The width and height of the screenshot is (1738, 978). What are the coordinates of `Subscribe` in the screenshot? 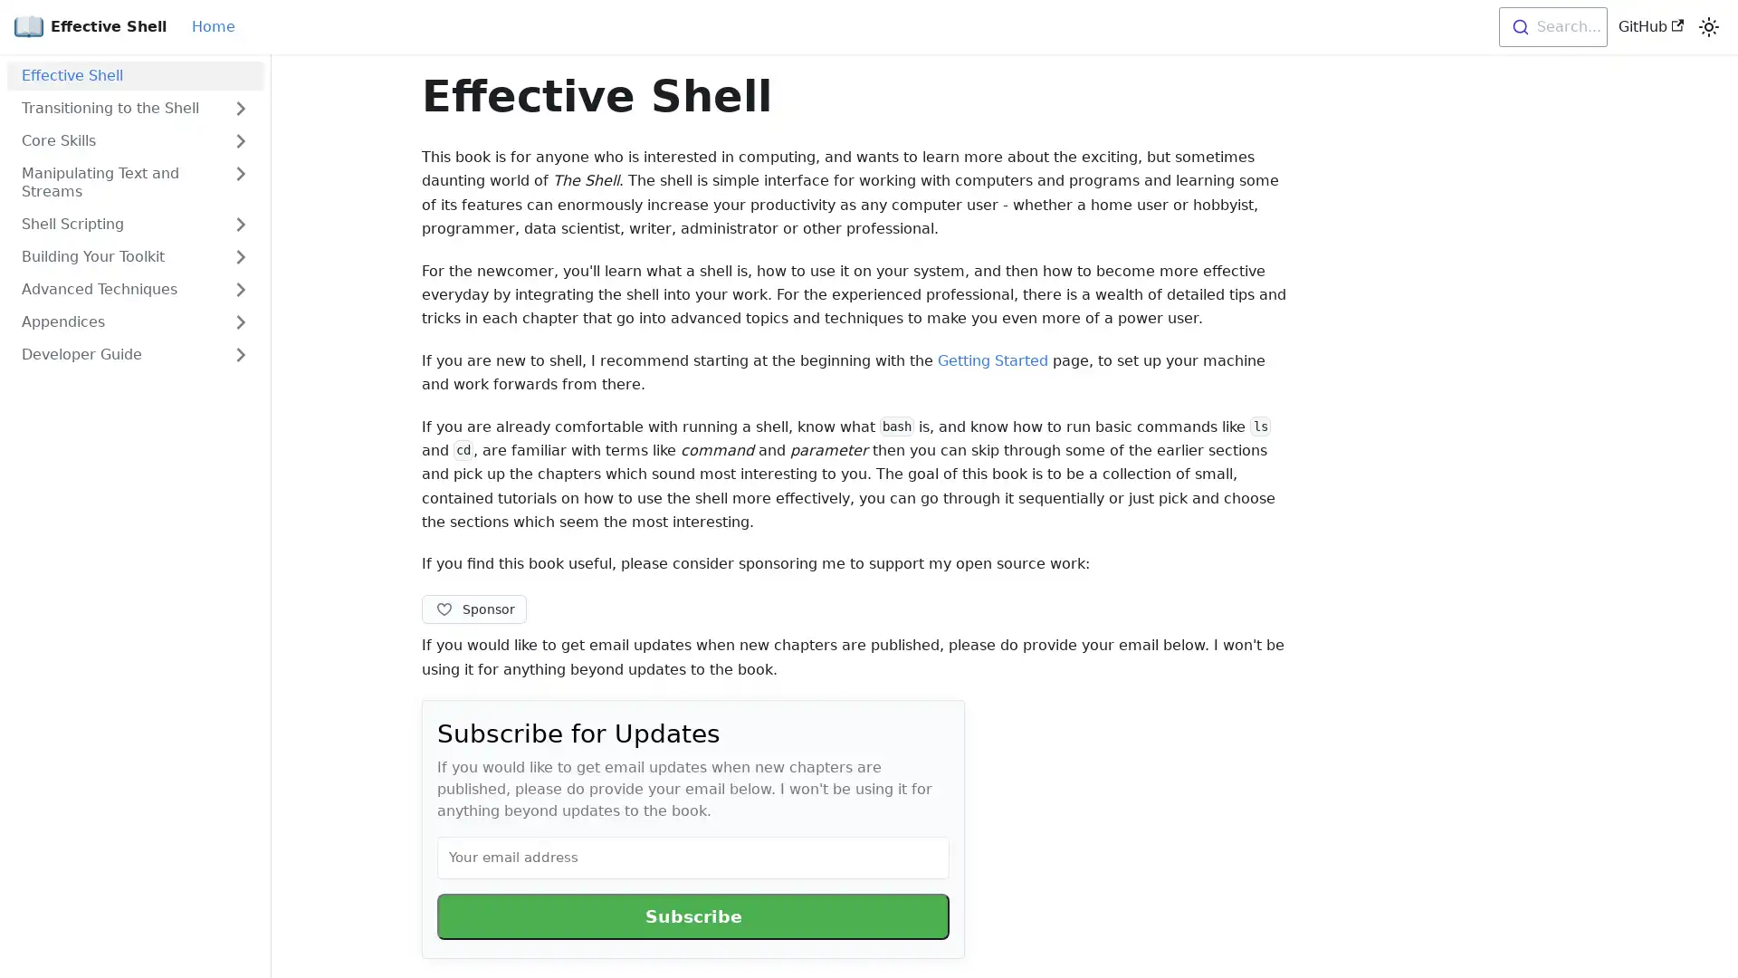 It's located at (692, 916).